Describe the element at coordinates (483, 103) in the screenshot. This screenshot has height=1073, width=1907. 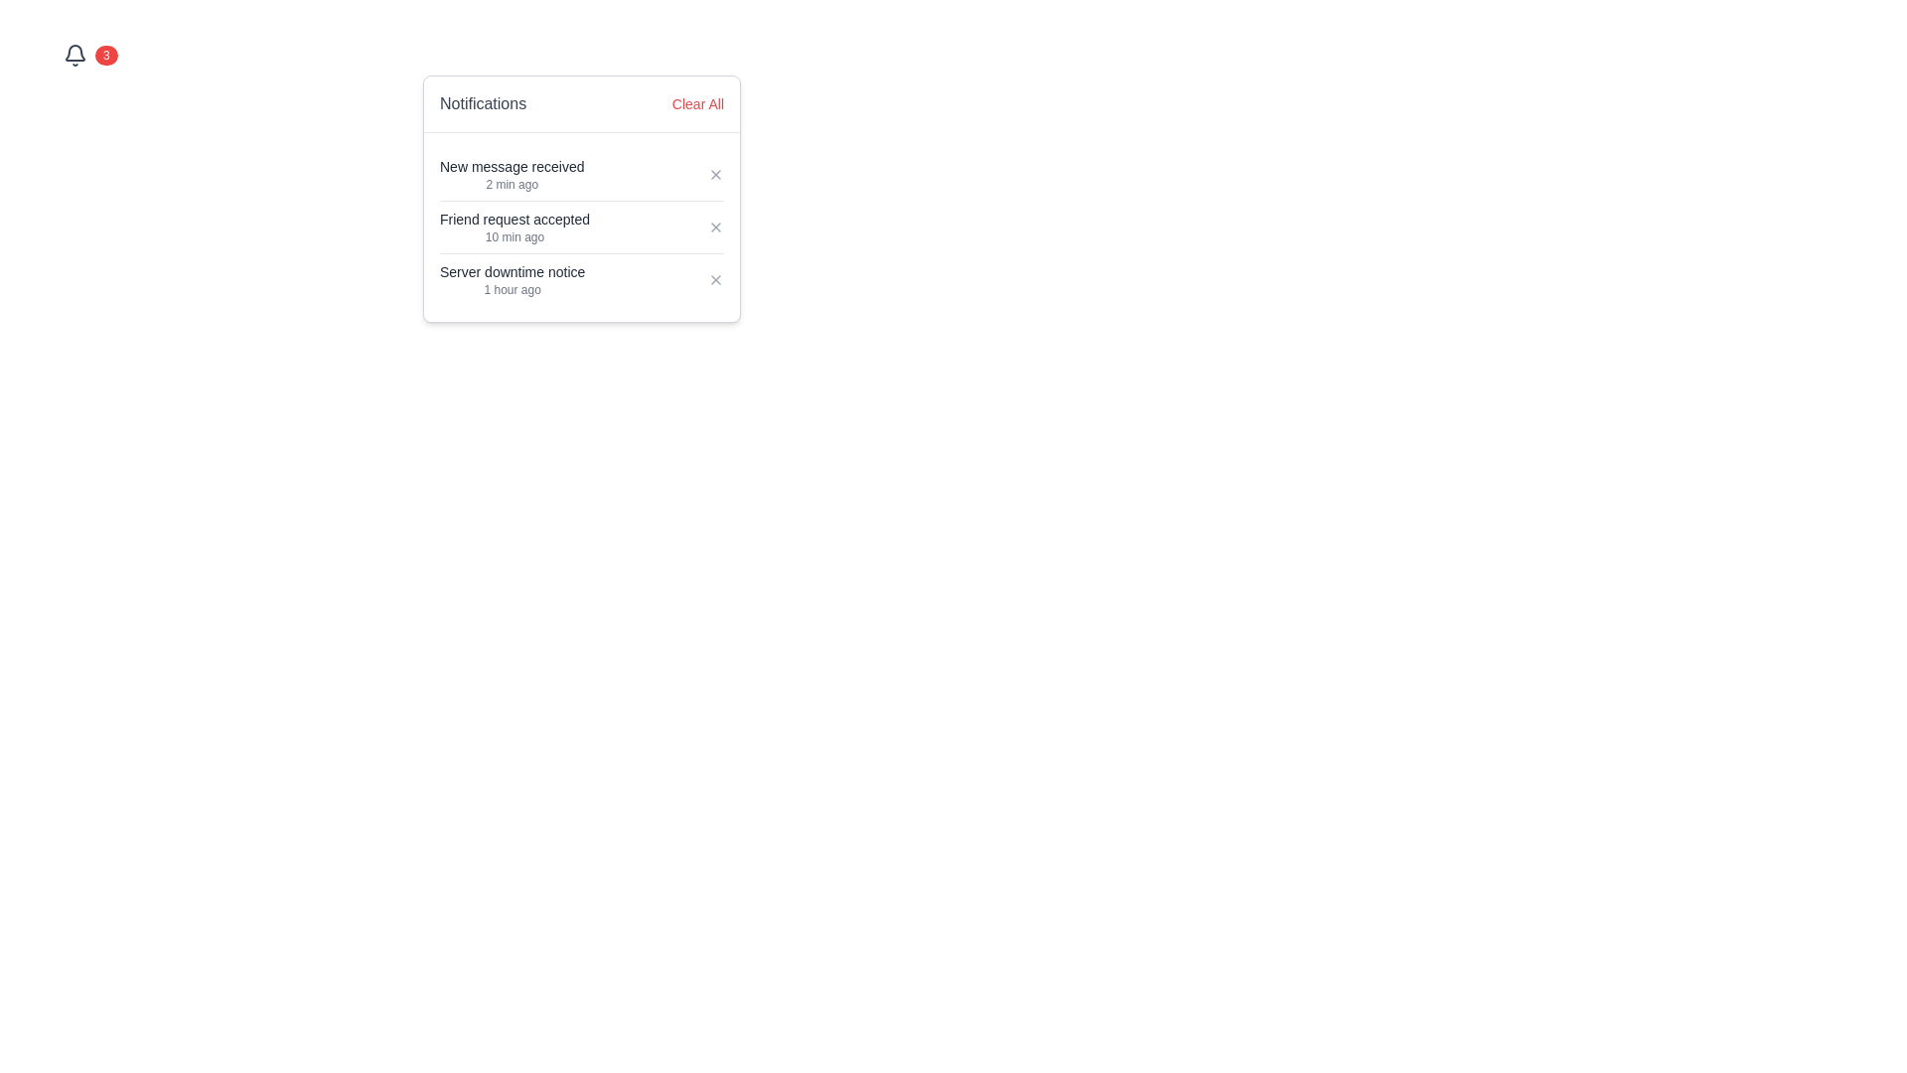
I see `the Text label or heading at the top-left of the notification panel, which indicates the purpose of the panel` at that location.